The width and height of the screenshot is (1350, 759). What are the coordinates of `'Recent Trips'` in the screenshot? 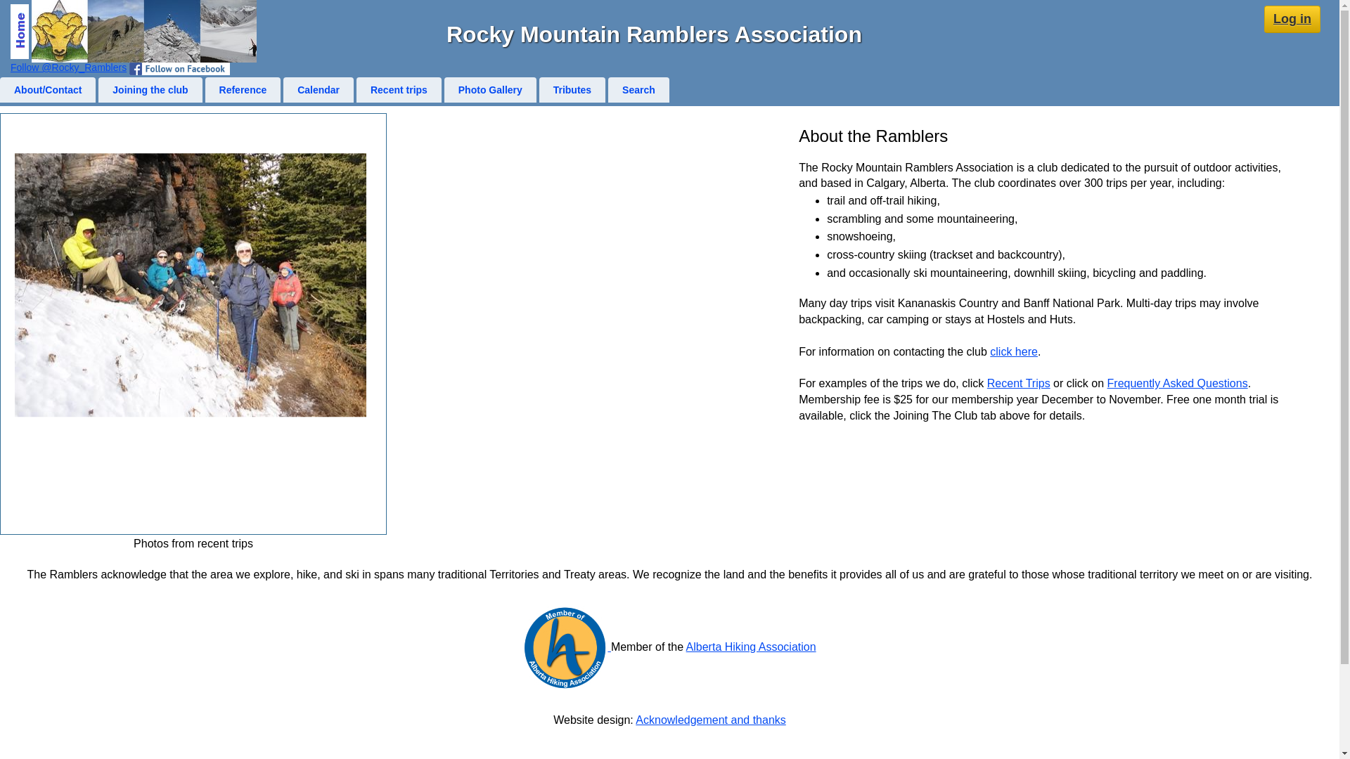 It's located at (1019, 383).